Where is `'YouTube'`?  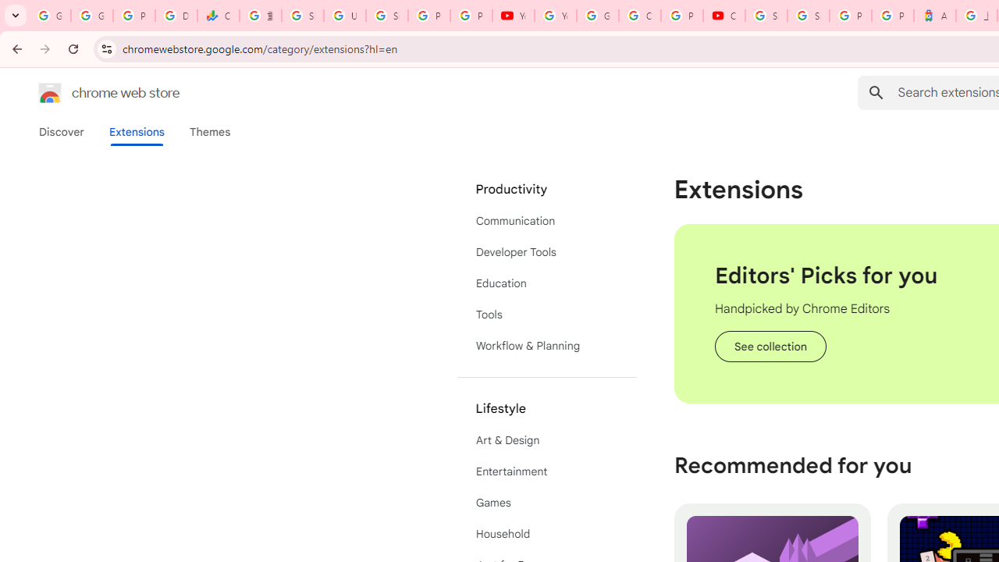 'YouTube' is located at coordinates (513, 16).